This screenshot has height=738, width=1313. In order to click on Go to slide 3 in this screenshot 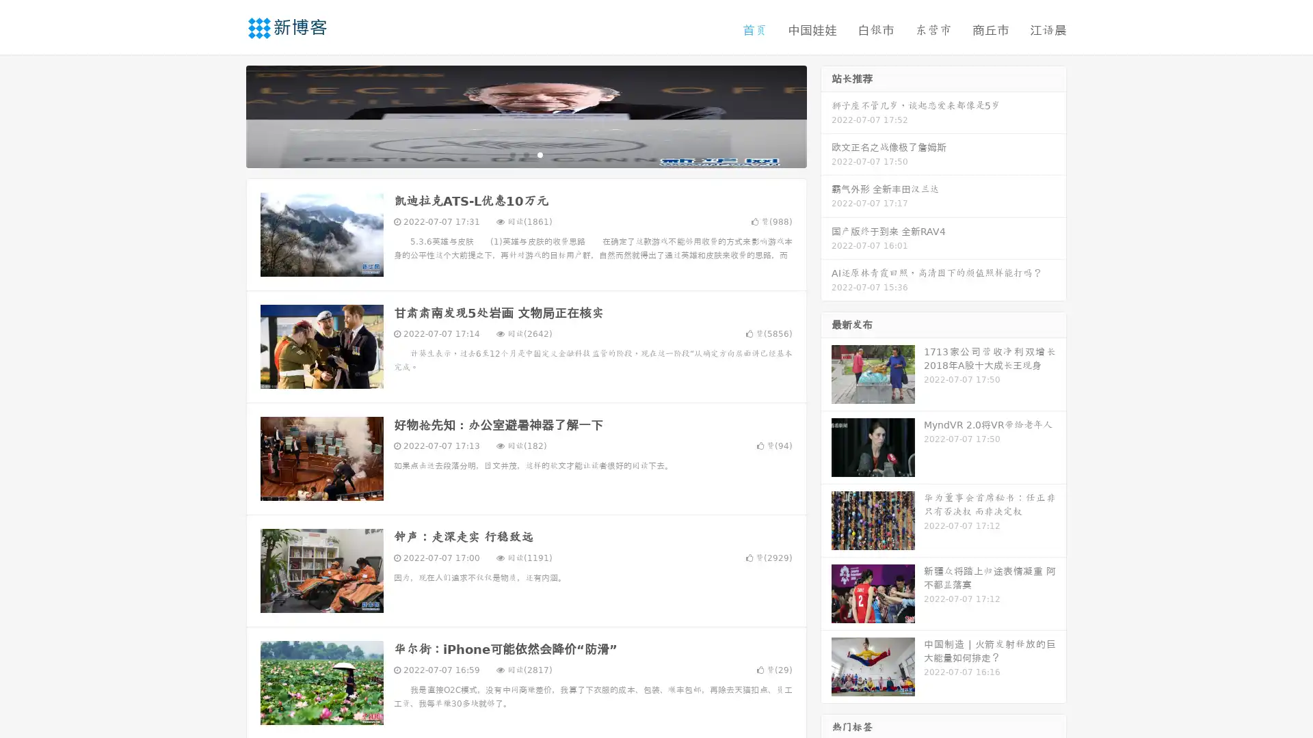, I will do `click(540, 154)`.